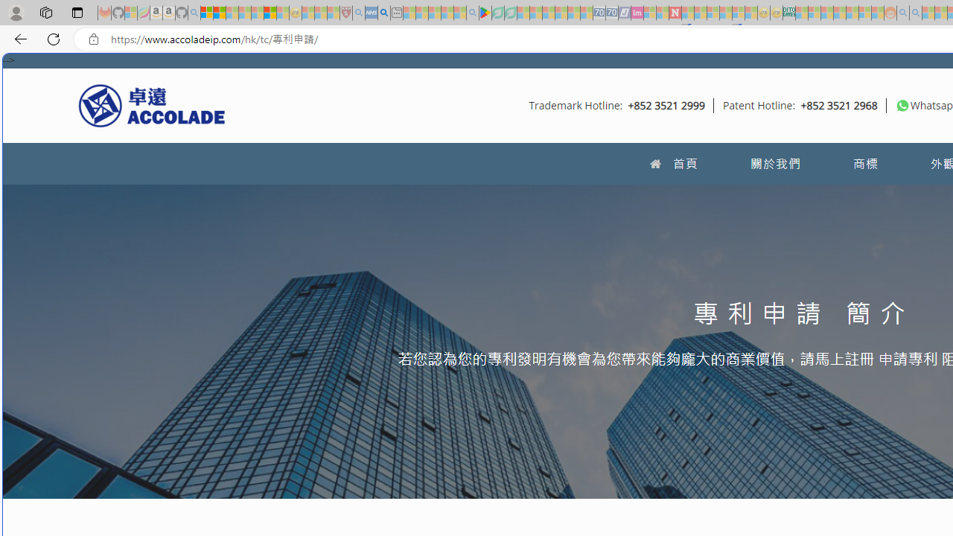 The image size is (953, 536). What do you see at coordinates (637, 13) in the screenshot?
I see `'Jobs - lastminute.com Investor Portal - Sleeping'` at bounding box center [637, 13].